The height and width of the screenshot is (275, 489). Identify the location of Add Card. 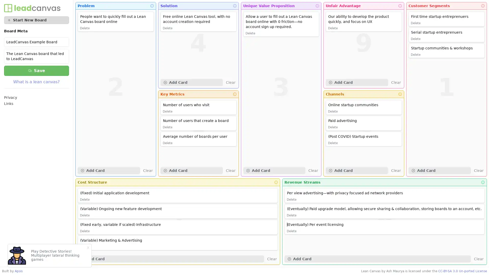
(171, 259).